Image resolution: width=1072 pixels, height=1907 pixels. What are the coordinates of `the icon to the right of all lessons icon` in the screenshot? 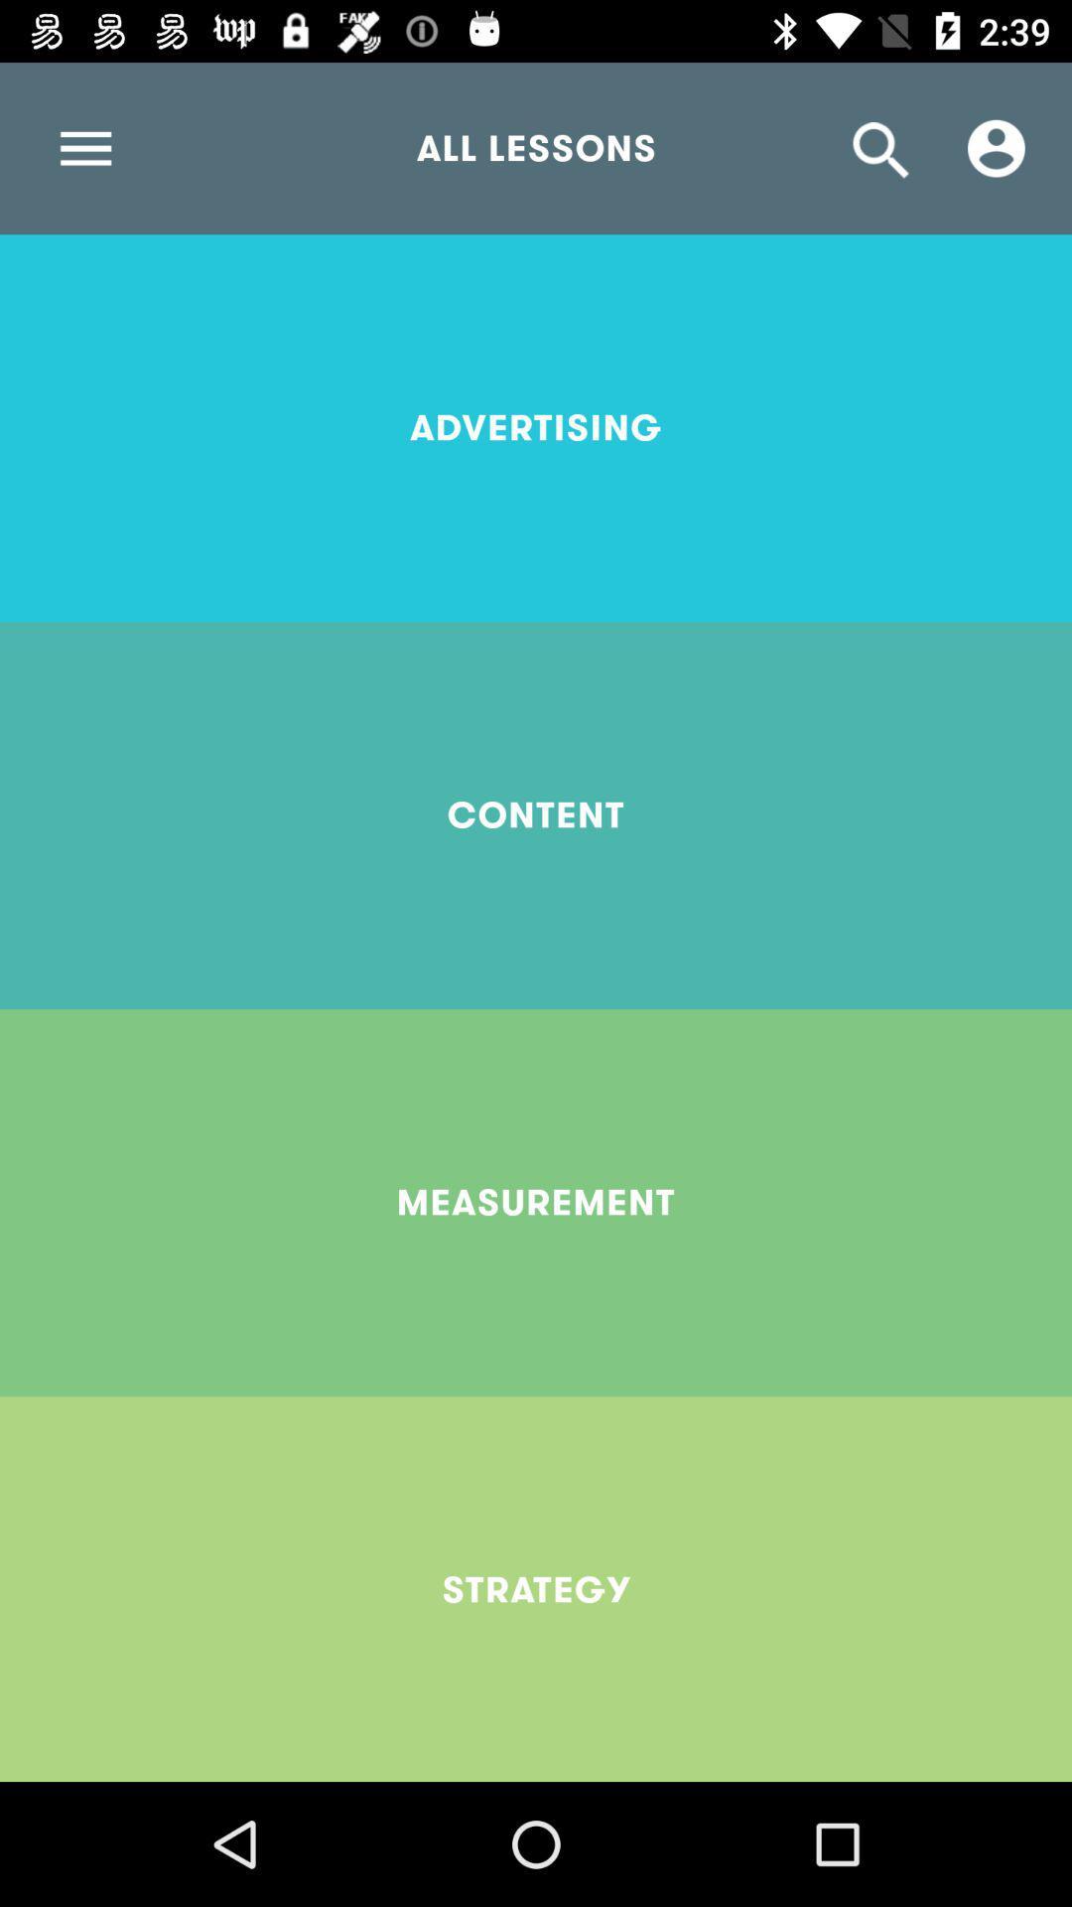 It's located at (996, 147).